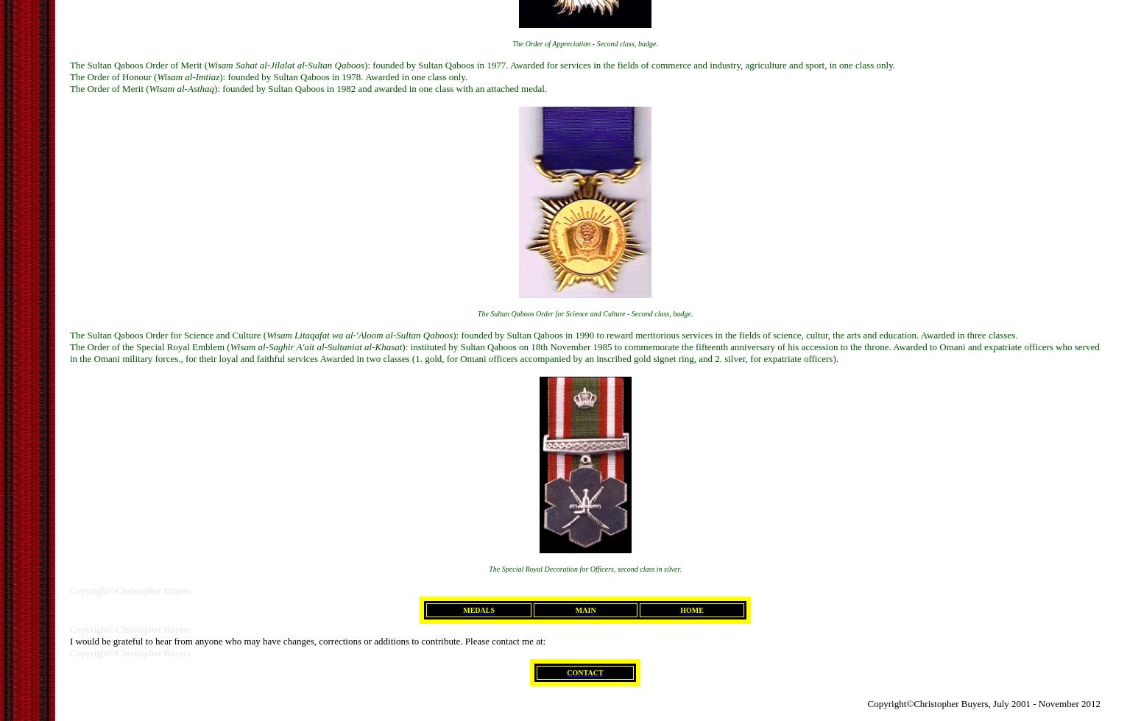  I want to click on '): founded by Sultan Qaboos in 1982 and awarded in one class with an attached medal.', so click(379, 88).